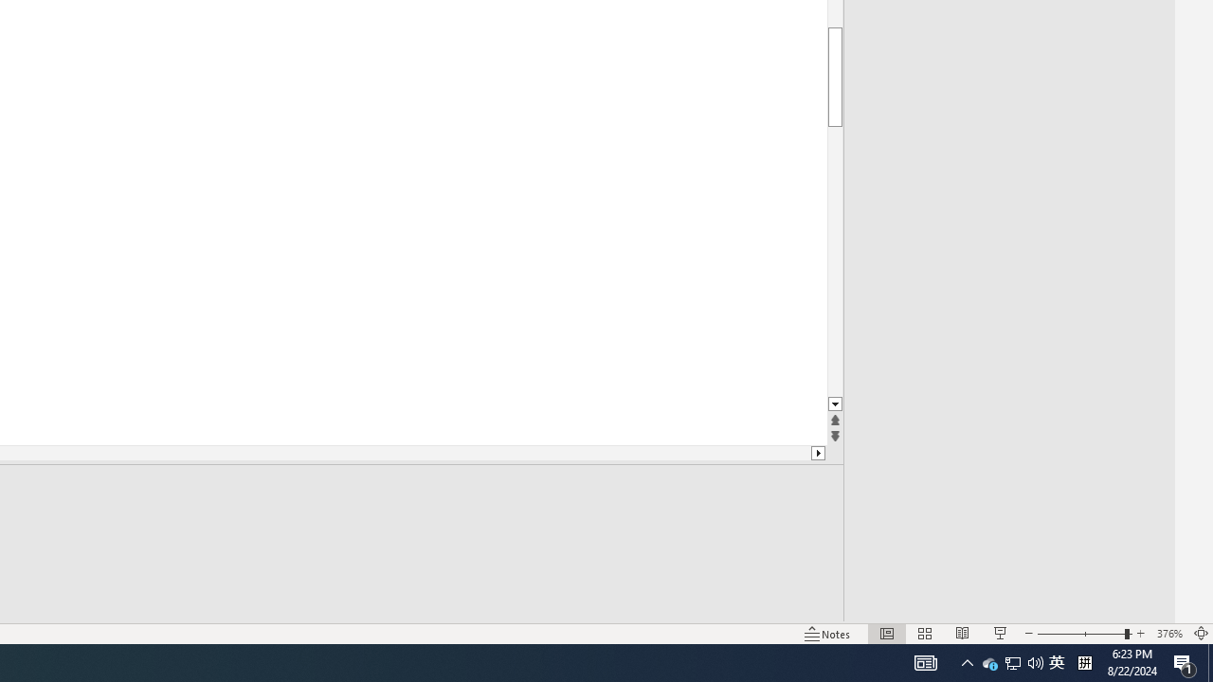 The width and height of the screenshot is (1213, 682). I want to click on 'Slide Sorter', so click(925, 634).